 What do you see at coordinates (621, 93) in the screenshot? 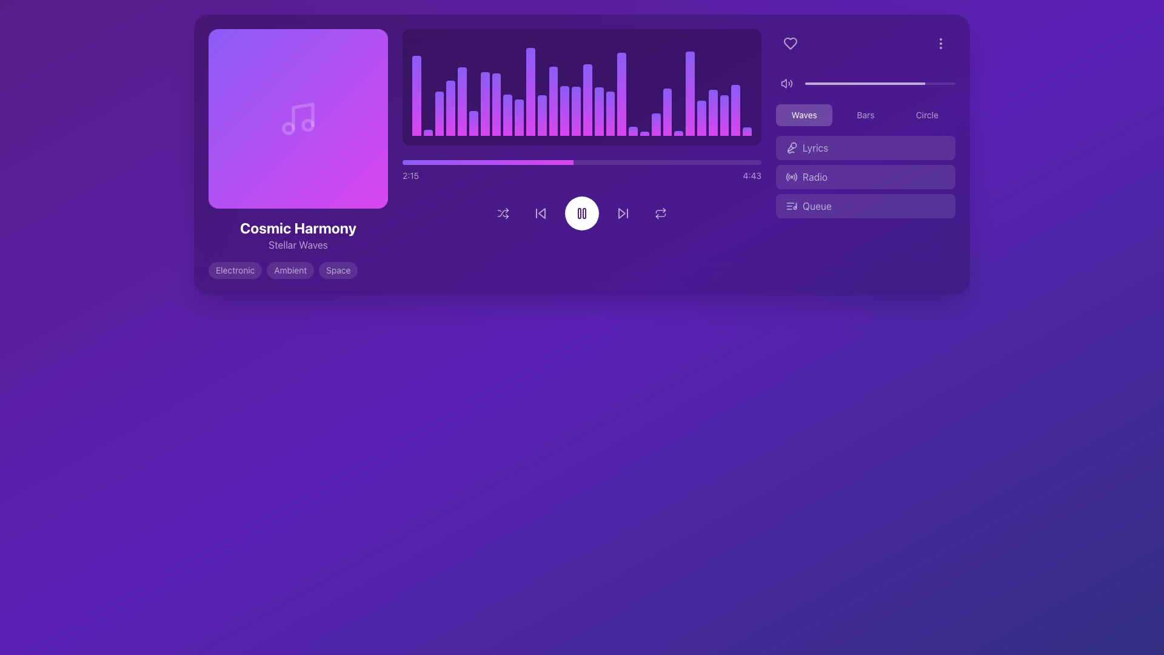
I see `the 18th vertical rectangular bar in the bar graph of the music player interface, which has a gradient color scheme from fuchsia to violet and rounded top corners` at bounding box center [621, 93].